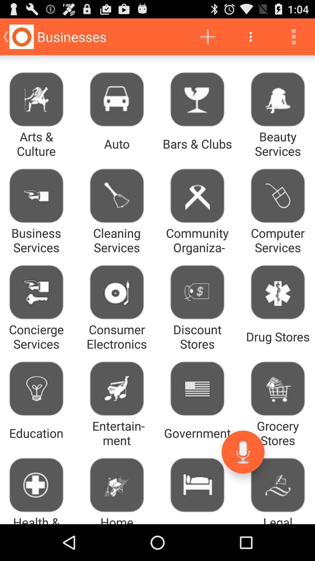 The width and height of the screenshot is (315, 561). Describe the element at coordinates (243, 452) in the screenshot. I see `app above legal services icon` at that location.